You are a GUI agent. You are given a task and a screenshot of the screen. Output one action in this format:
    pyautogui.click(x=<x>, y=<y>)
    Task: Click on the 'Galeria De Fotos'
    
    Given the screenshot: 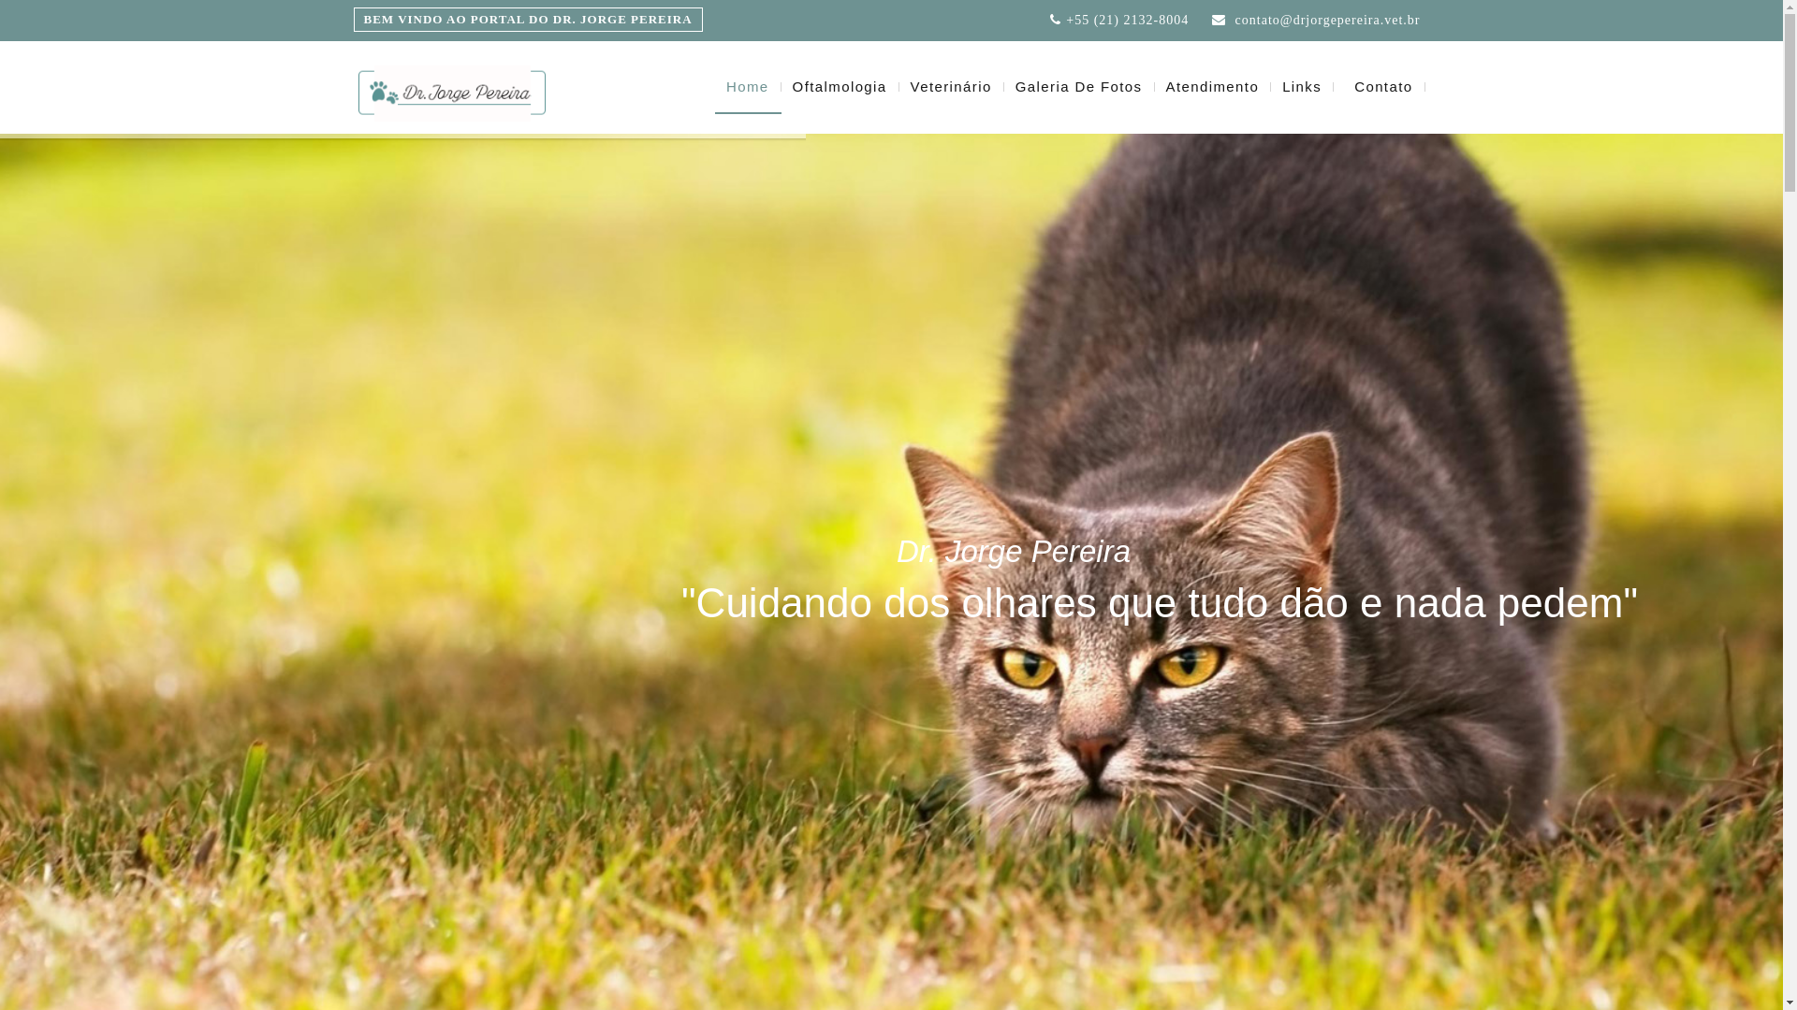 What is the action you would take?
    pyautogui.click(x=1079, y=86)
    